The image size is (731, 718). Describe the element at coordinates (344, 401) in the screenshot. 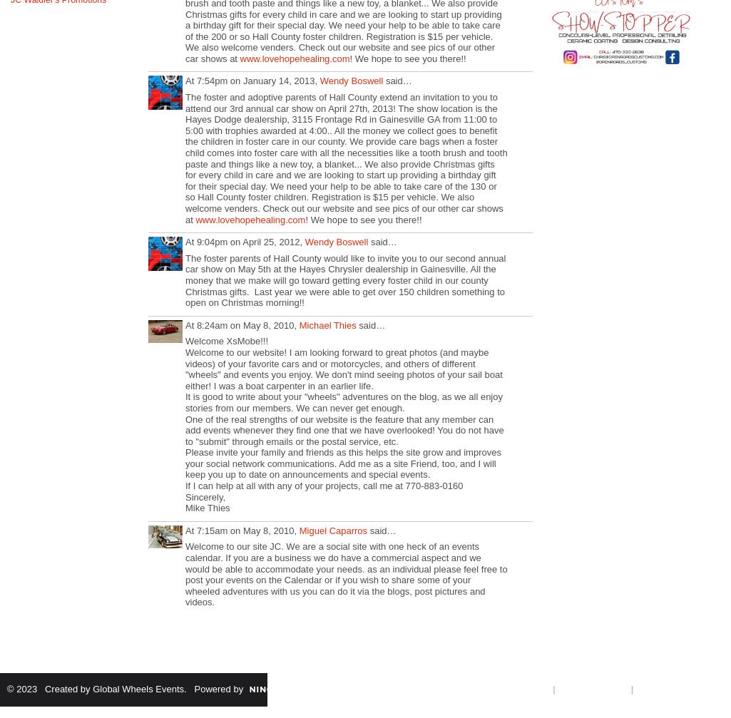

I see `'It is good to write about your "wheels" adventures on the blog, as we all enjoy stories from our members. We can never get enough.'` at that location.